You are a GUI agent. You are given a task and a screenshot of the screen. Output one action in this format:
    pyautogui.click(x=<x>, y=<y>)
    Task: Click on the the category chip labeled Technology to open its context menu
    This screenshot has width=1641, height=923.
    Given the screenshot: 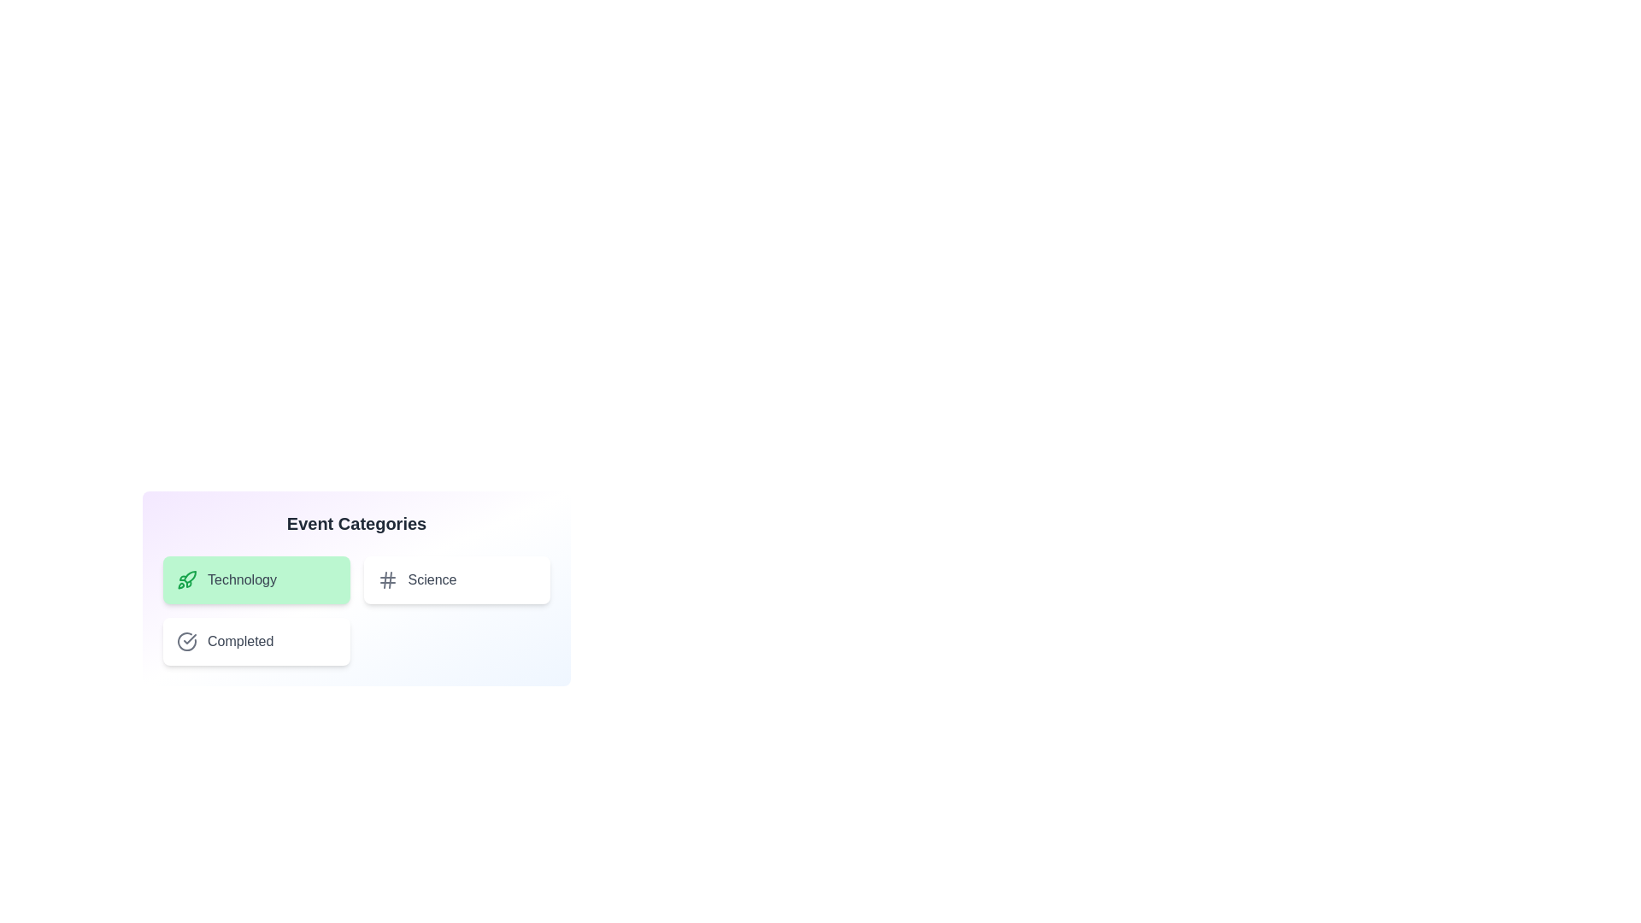 What is the action you would take?
    pyautogui.click(x=256, y=579)
    